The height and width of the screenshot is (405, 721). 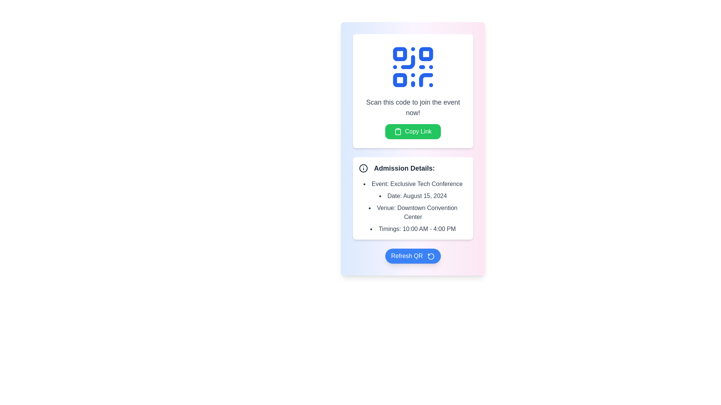 What do you see at coordinates (412, 255) in the screenshot?
I see `the refresh button at the bottom center of the event details card` at bounding box center [412, 255].